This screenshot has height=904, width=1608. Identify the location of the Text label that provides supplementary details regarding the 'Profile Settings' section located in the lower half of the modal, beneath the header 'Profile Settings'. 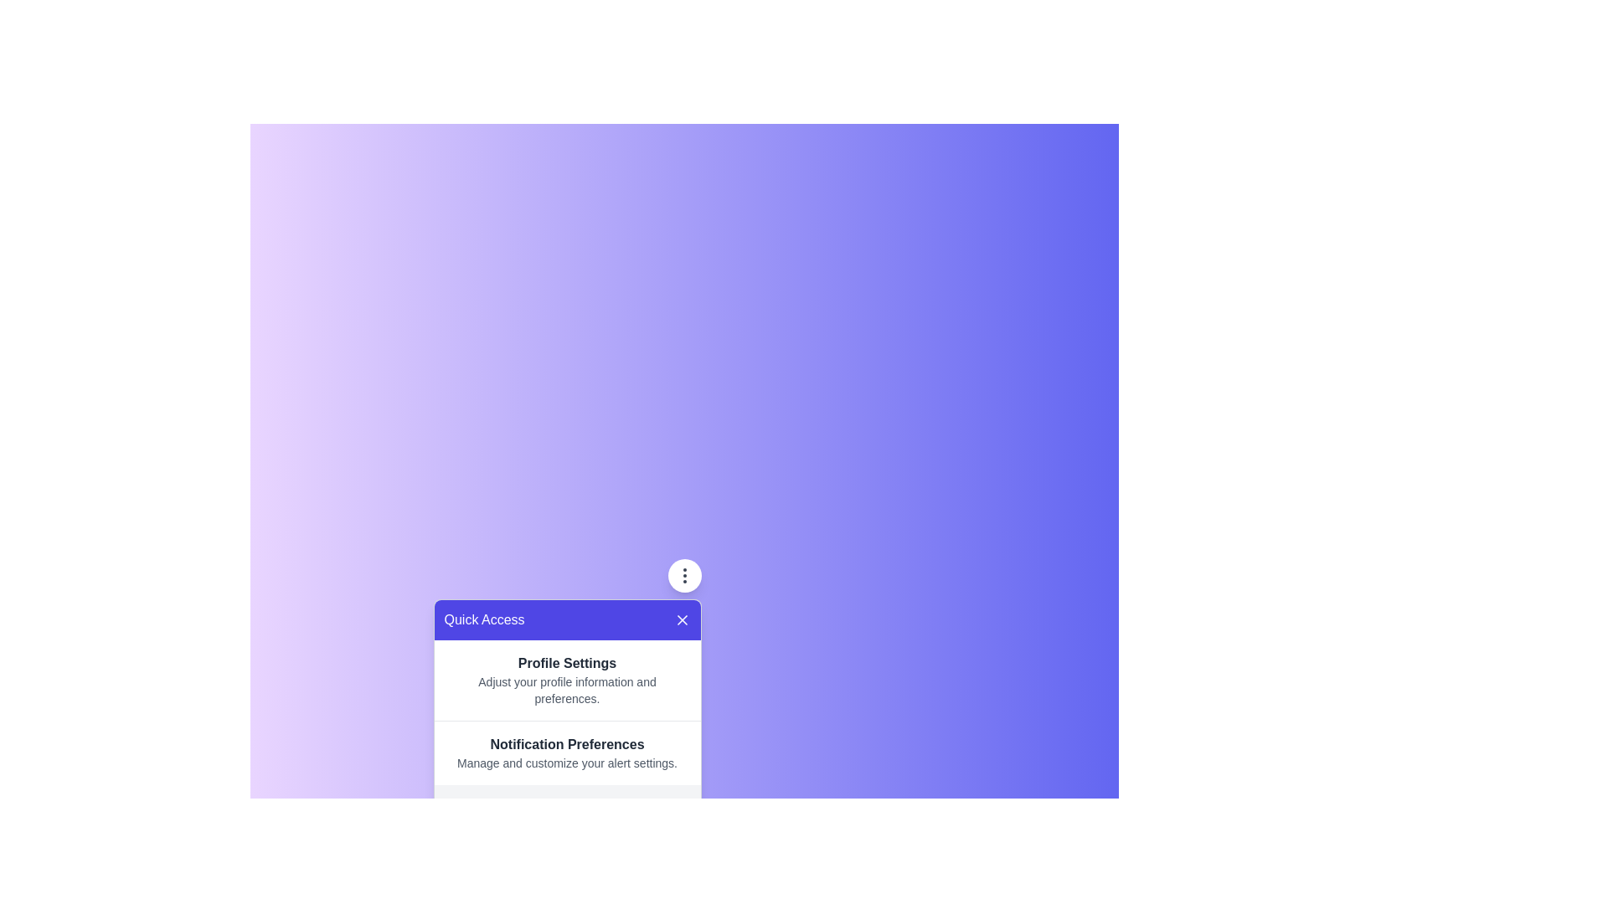
(567, 691).